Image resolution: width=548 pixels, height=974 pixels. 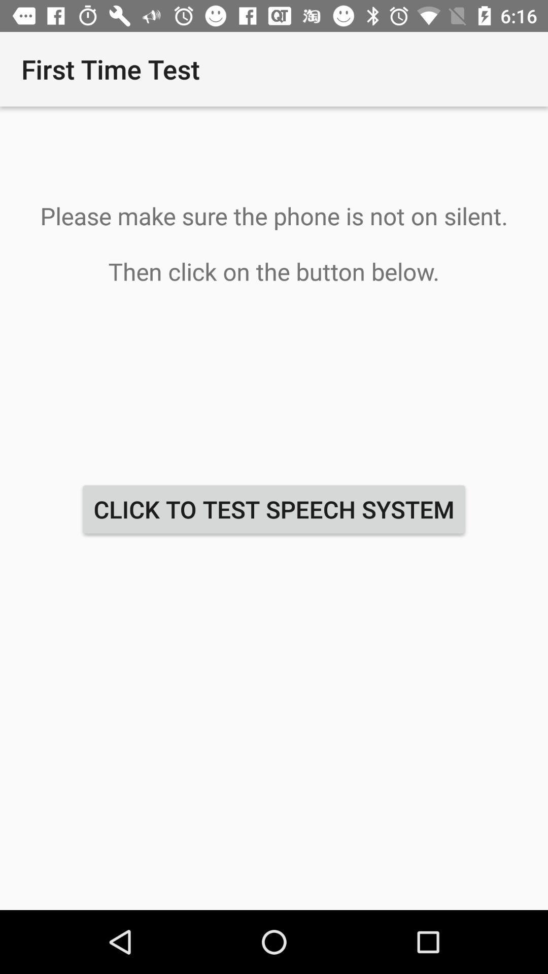 What do you see at coordinates (274, 509) in the screenshot?
I see `click to test item` at bounding box center [274, 509].